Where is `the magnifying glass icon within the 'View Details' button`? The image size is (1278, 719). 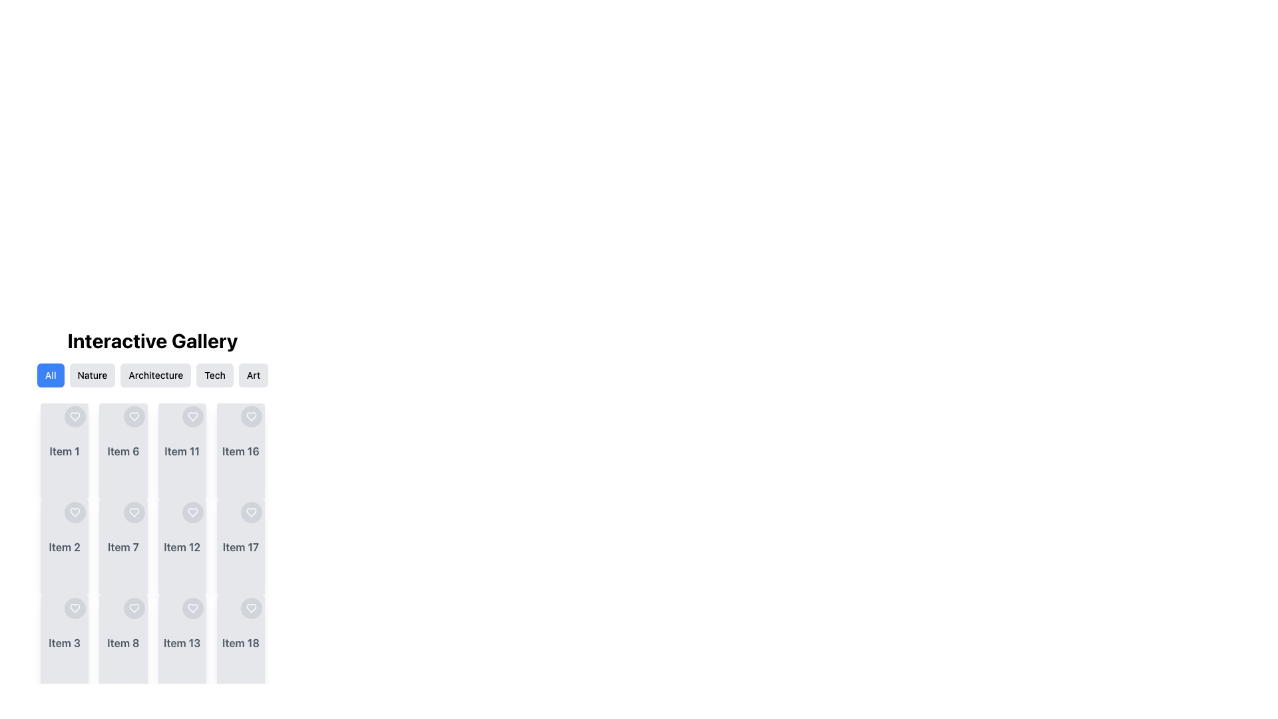 the magnifying glass icon within the 'View Details' button is located at coordinates (101, 547).